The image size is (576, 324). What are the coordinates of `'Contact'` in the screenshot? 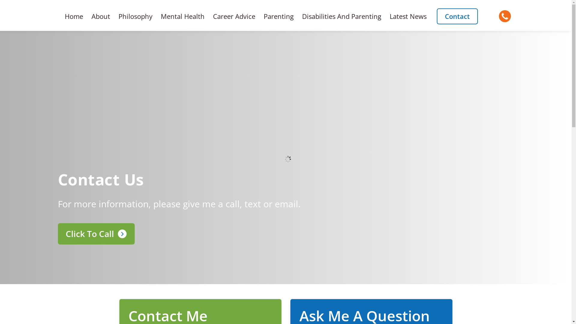 It's located at (436, 16).